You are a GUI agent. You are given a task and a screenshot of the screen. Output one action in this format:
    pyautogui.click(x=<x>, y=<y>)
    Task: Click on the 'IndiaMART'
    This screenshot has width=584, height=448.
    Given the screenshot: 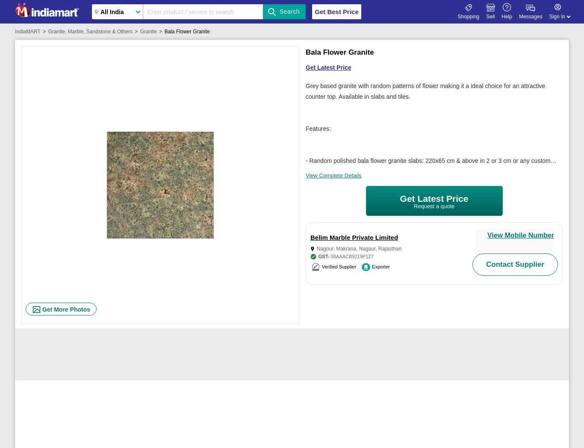 What is the action you would take?
    pyautogui.click(x=27, y=31)
    